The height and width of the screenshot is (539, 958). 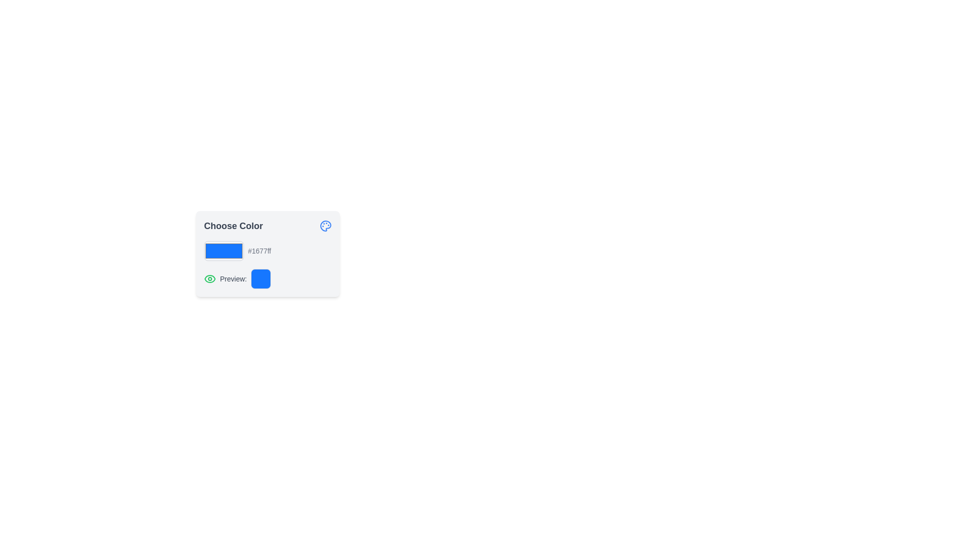 I want to click on the text displaying the hexadecimal color code '#1677ff', which is styled with a small text size and gray color, located to the right of the color selector box in the 'Choose Color' section, so click(x=259, y=250).